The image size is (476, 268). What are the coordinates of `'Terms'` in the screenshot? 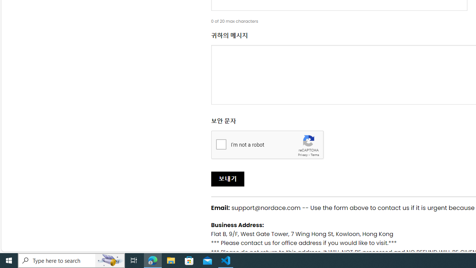 It's located at (315, 154).